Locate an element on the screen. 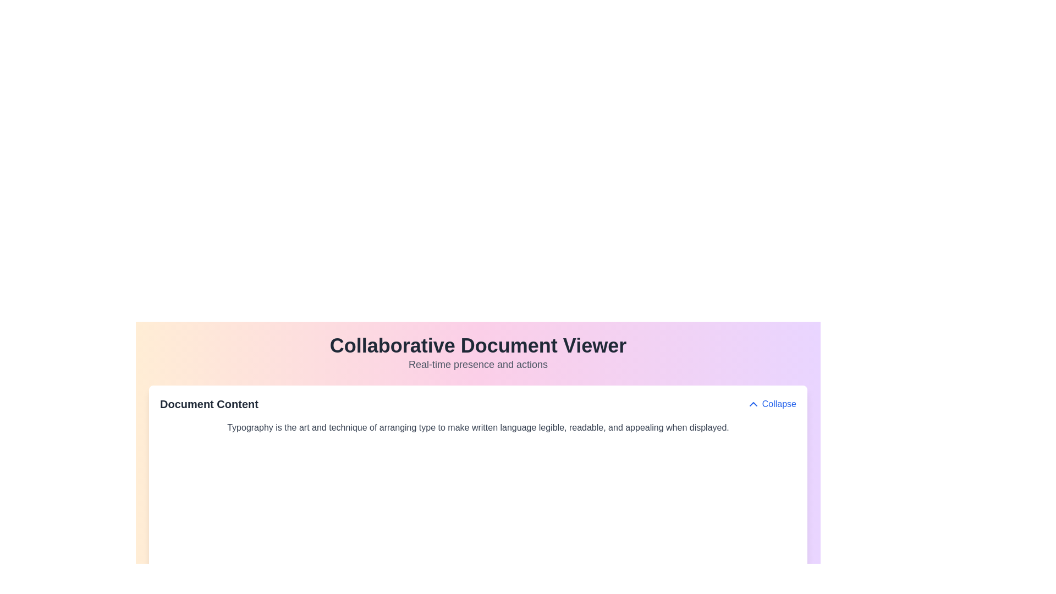 This screenshot has width=1056, height=594. the toggle button or link located is located at coordinates (771, 404).